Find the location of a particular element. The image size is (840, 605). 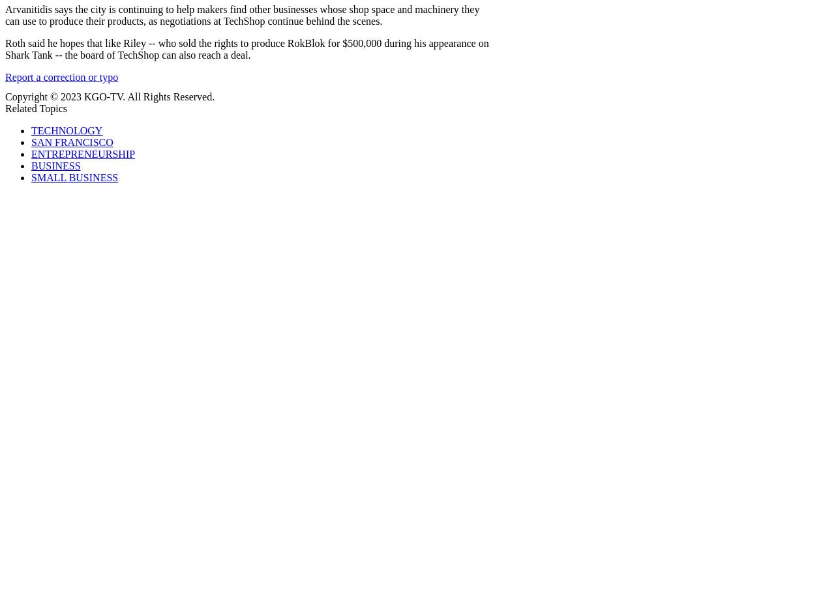

'Report a correction or typo' is located at coordinates (5, 77).